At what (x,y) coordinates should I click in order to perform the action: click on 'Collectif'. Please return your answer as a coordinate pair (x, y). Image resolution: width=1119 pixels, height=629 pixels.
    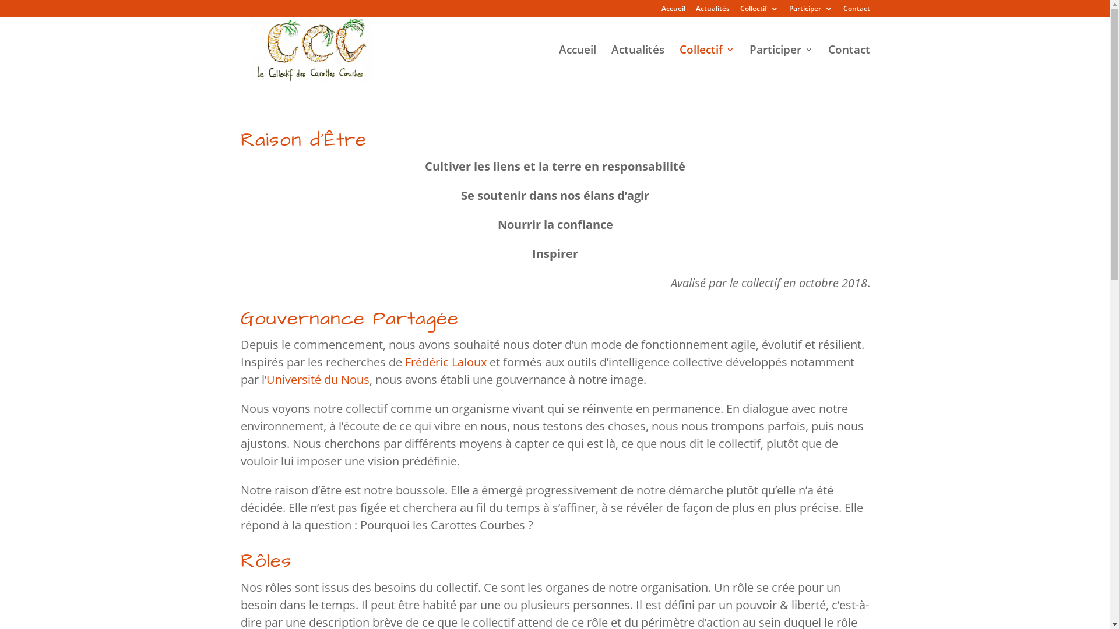
    Looking at the image, I should click on (680, 63).